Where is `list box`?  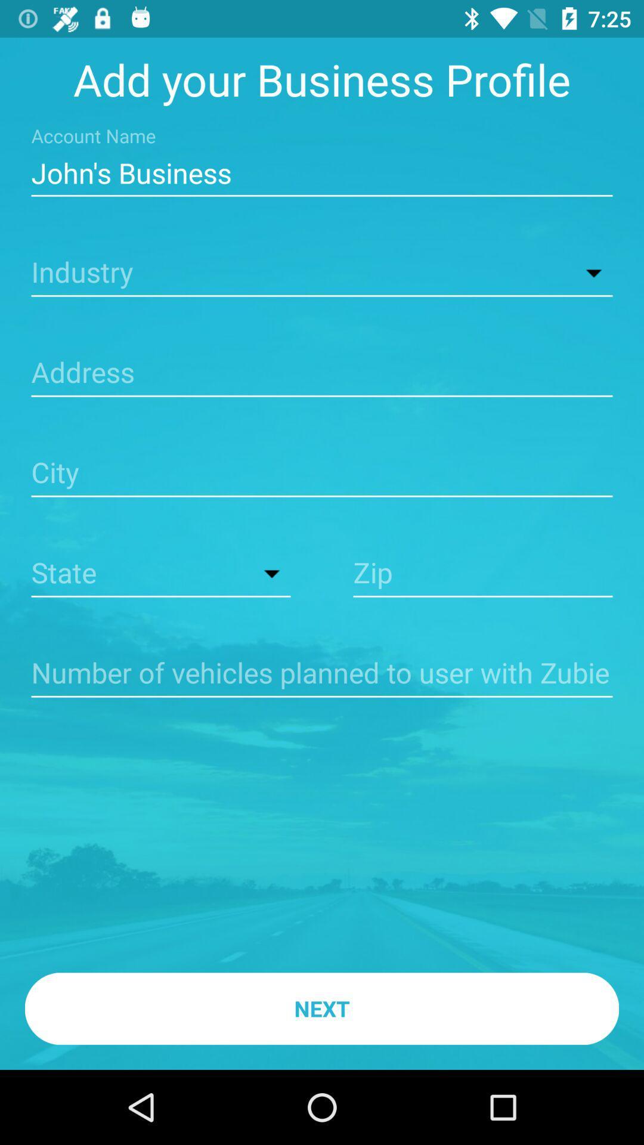
list box is located at coordinates (161, 574).